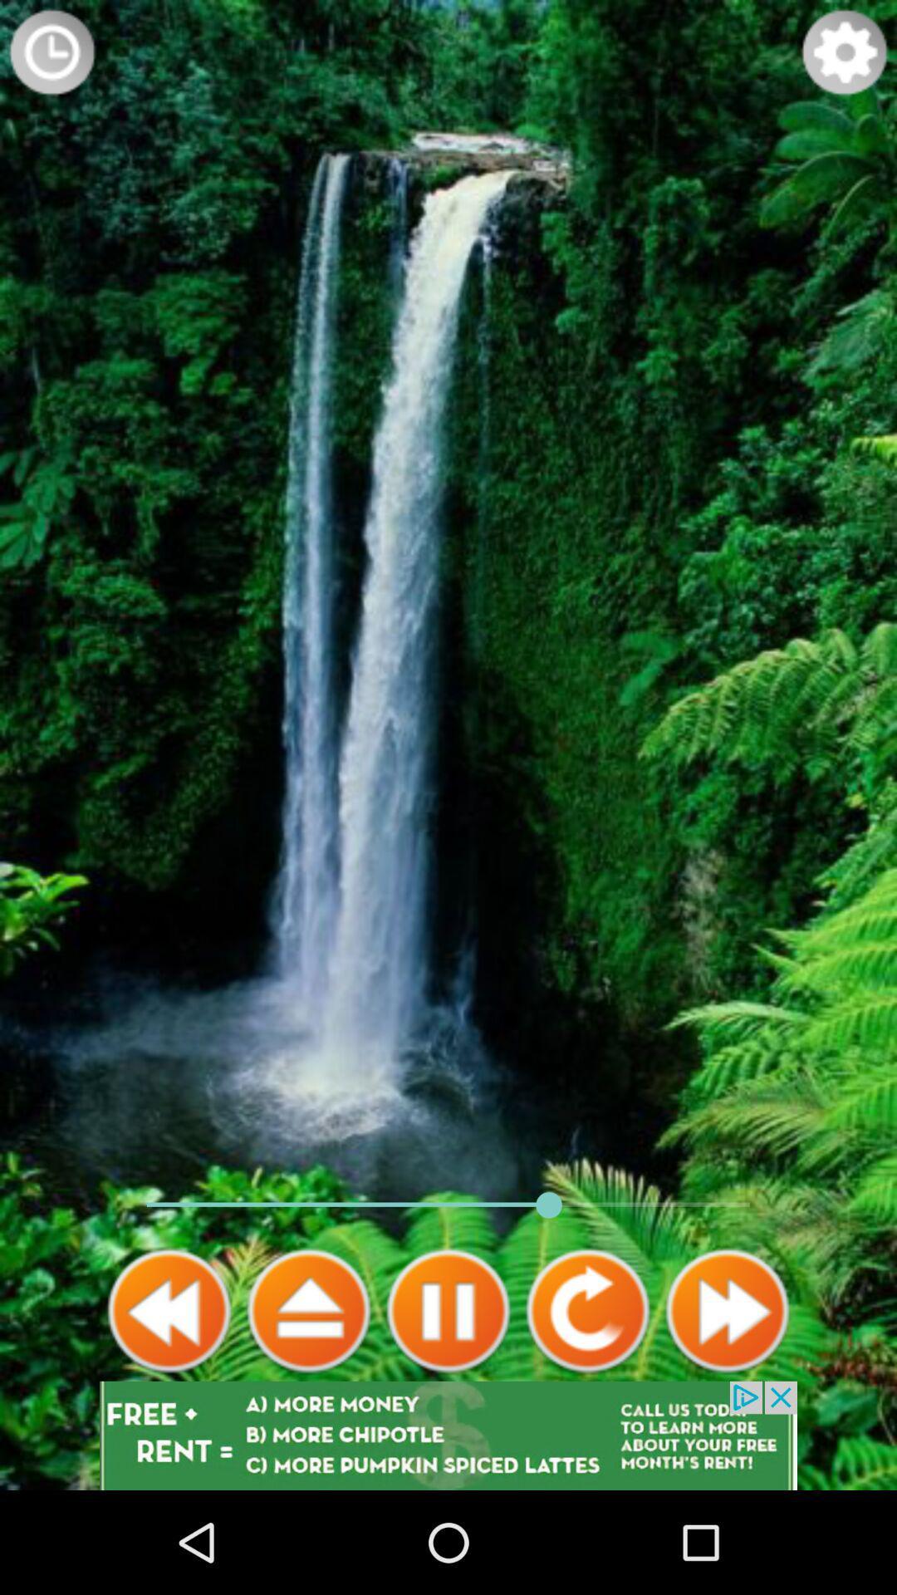 This screenshot has width=897, height=1595. I want to click on fast forward, so click(726, 1310).